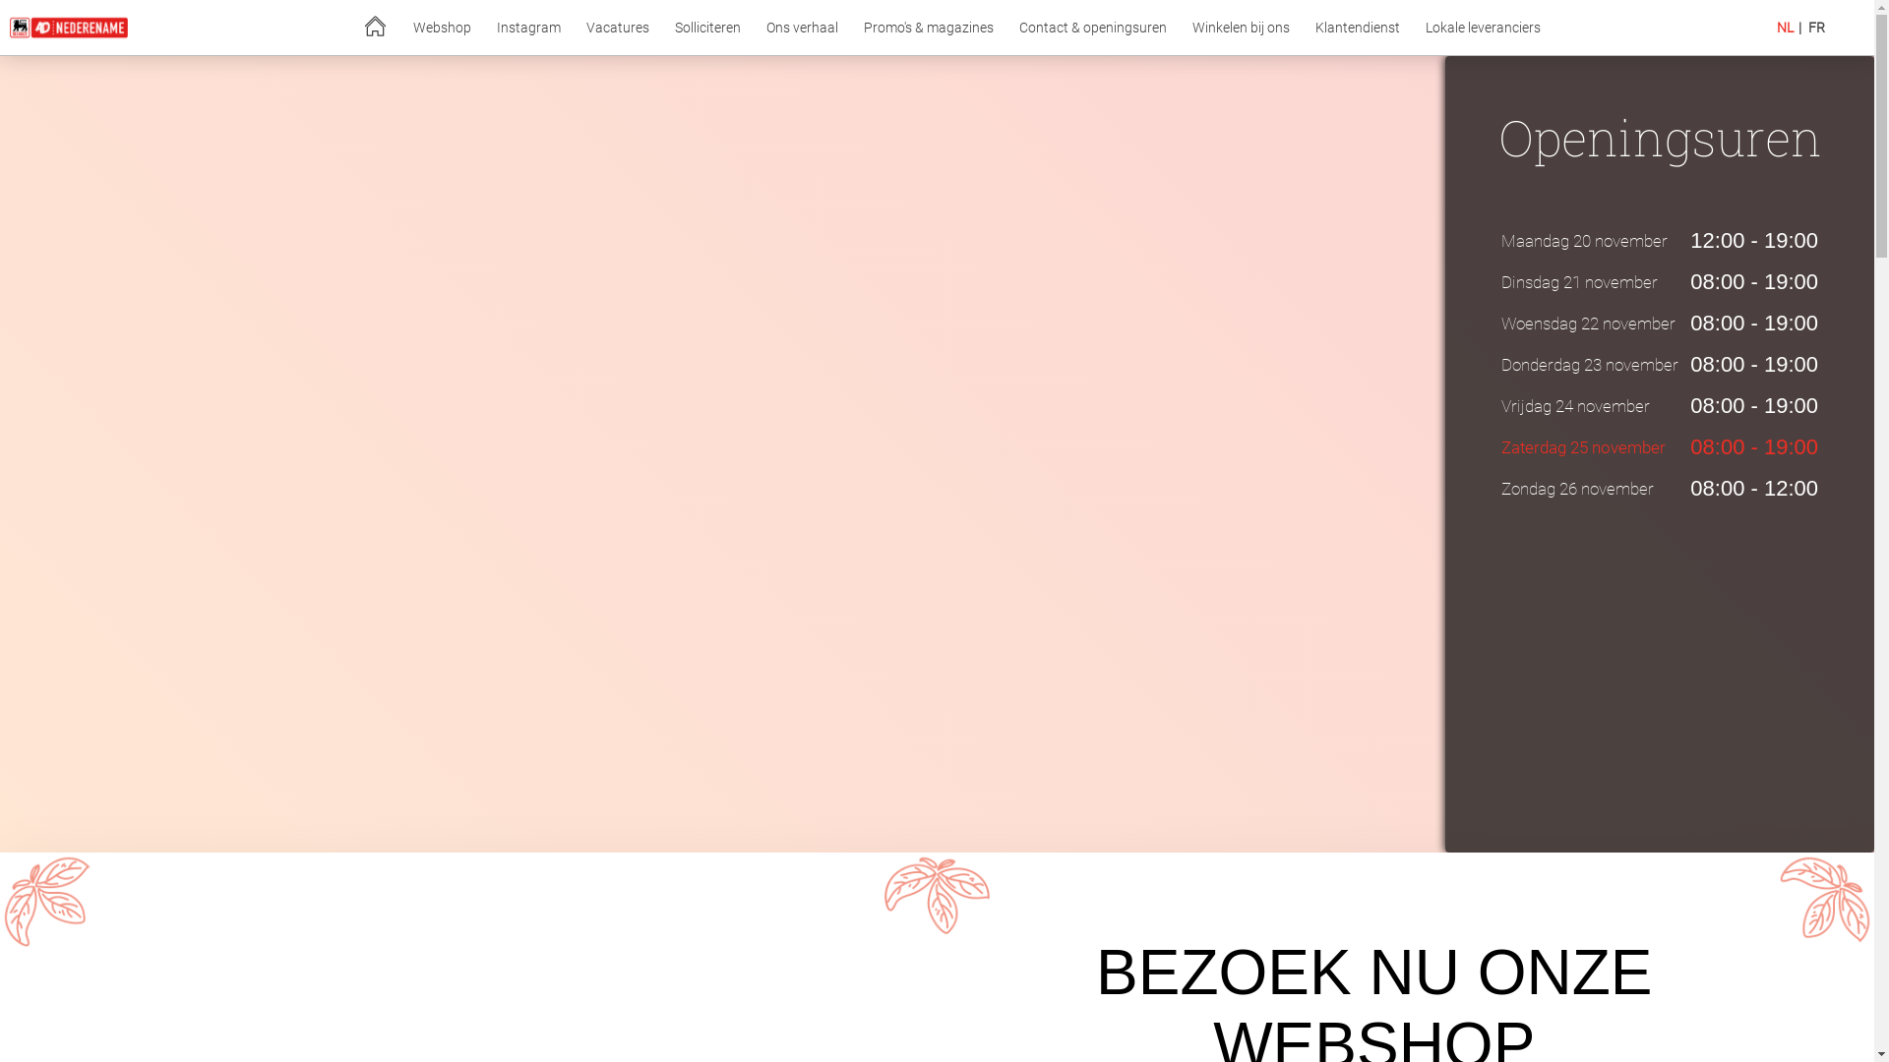  What do you see at coordinates (441, 27) in the screenshot?
I see `'Webshop'` at bounding box center [441, 27].